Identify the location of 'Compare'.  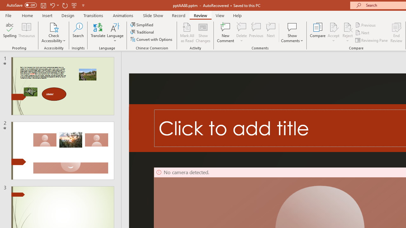
(318, 33).